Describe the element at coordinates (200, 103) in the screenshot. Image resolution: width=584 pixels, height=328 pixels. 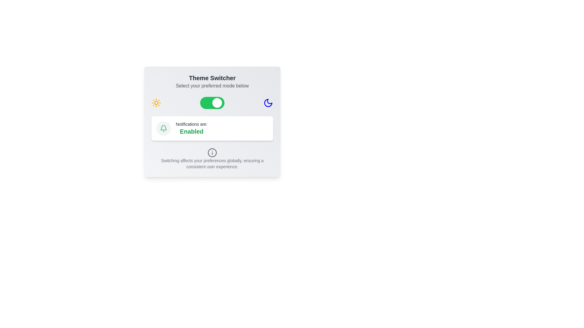
I see `the theme switcher` at that location.